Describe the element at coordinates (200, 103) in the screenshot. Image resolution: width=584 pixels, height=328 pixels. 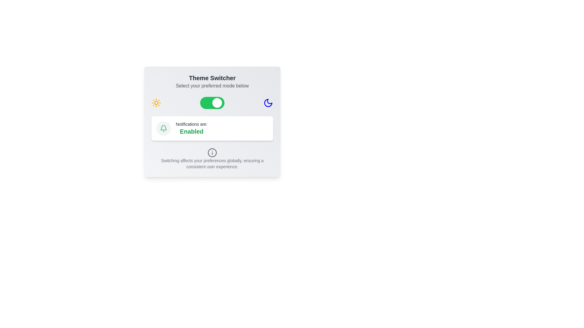
I see `the theme switcher` at that location.